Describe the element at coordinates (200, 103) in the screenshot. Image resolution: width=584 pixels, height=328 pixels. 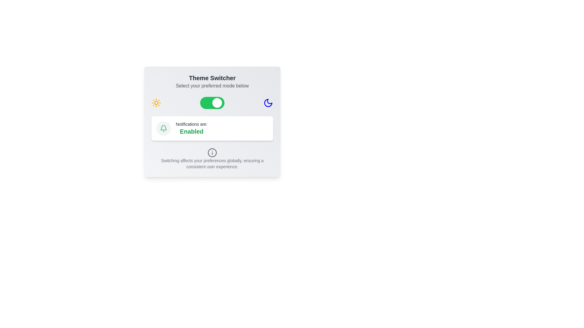
I see `the theme switcher` at that location.